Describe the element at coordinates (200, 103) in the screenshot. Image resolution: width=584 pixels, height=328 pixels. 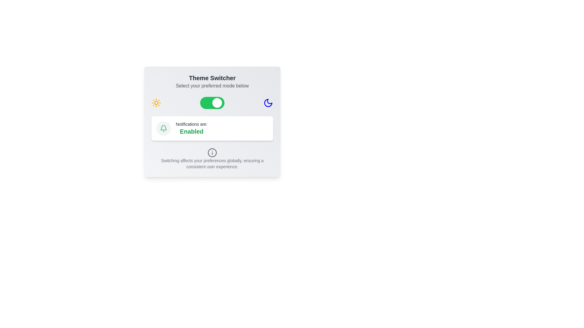
I see `the theme switcher` at that location.